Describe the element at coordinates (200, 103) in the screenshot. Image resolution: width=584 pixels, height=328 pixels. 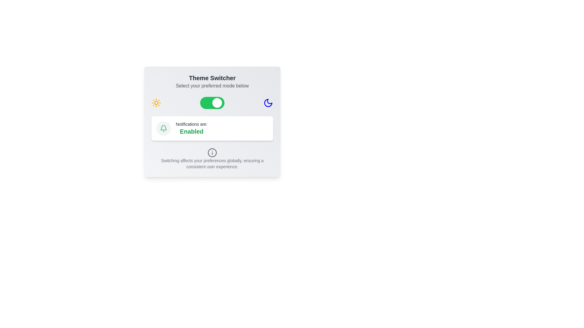
I see `the theme switcher` at that location.